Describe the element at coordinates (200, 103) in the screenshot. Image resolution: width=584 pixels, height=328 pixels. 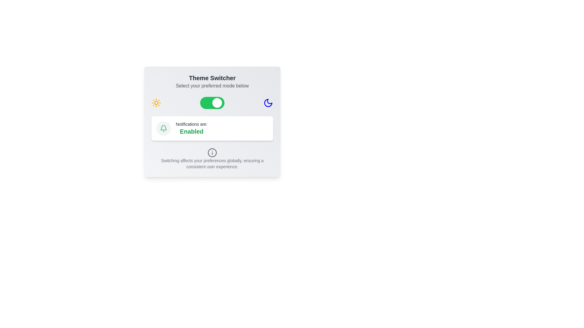
I see `the theme switcher` at that location.